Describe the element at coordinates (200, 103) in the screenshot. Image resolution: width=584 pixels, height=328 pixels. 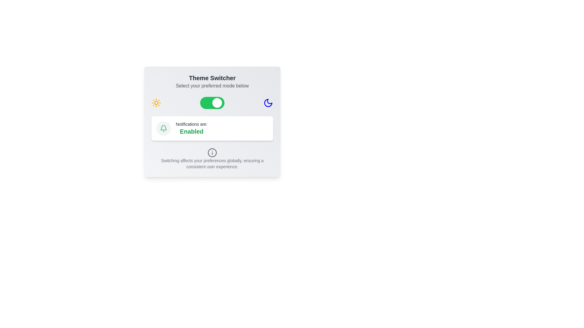
I see `the theme switcher` at that location.